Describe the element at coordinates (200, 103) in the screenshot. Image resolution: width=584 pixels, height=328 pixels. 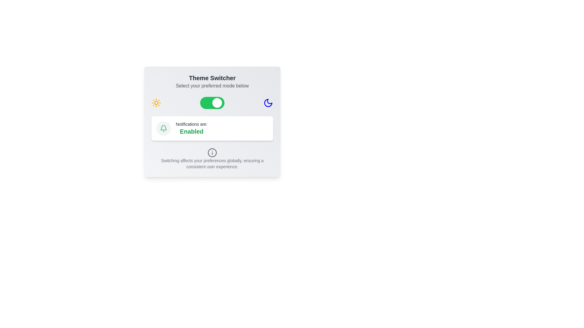
I see `the theme switcher` at that location.